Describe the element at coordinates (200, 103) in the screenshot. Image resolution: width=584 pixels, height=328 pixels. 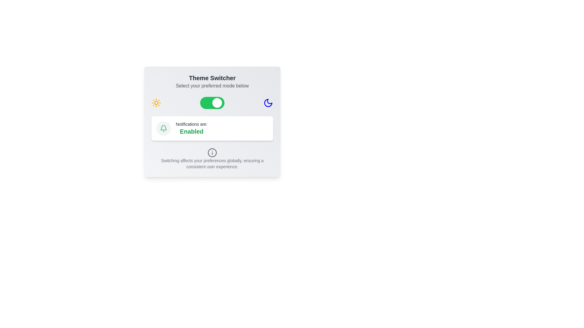
I see `the theme switcher` at that location.